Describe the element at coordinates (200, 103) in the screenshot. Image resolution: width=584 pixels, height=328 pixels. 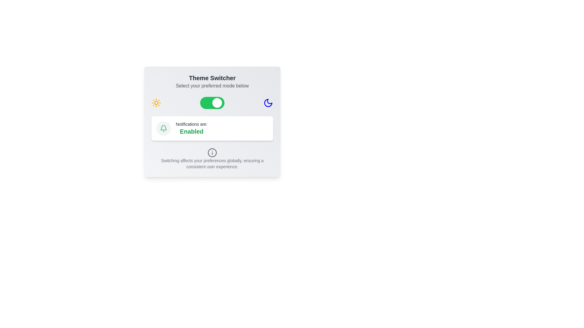
I see `the theme switcher` at that location.